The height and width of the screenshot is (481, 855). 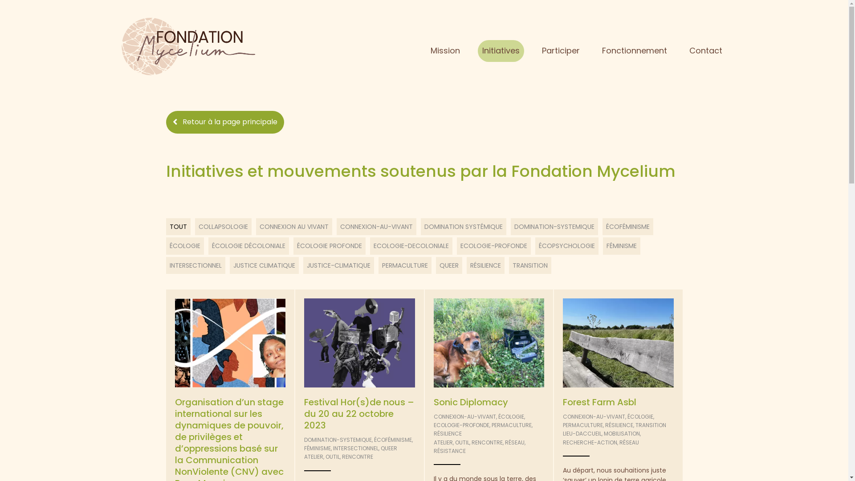 What do you see at coordinates (389, 448) in the screenshot?
I see `'QUEER'` at bounding box center [389, 448].